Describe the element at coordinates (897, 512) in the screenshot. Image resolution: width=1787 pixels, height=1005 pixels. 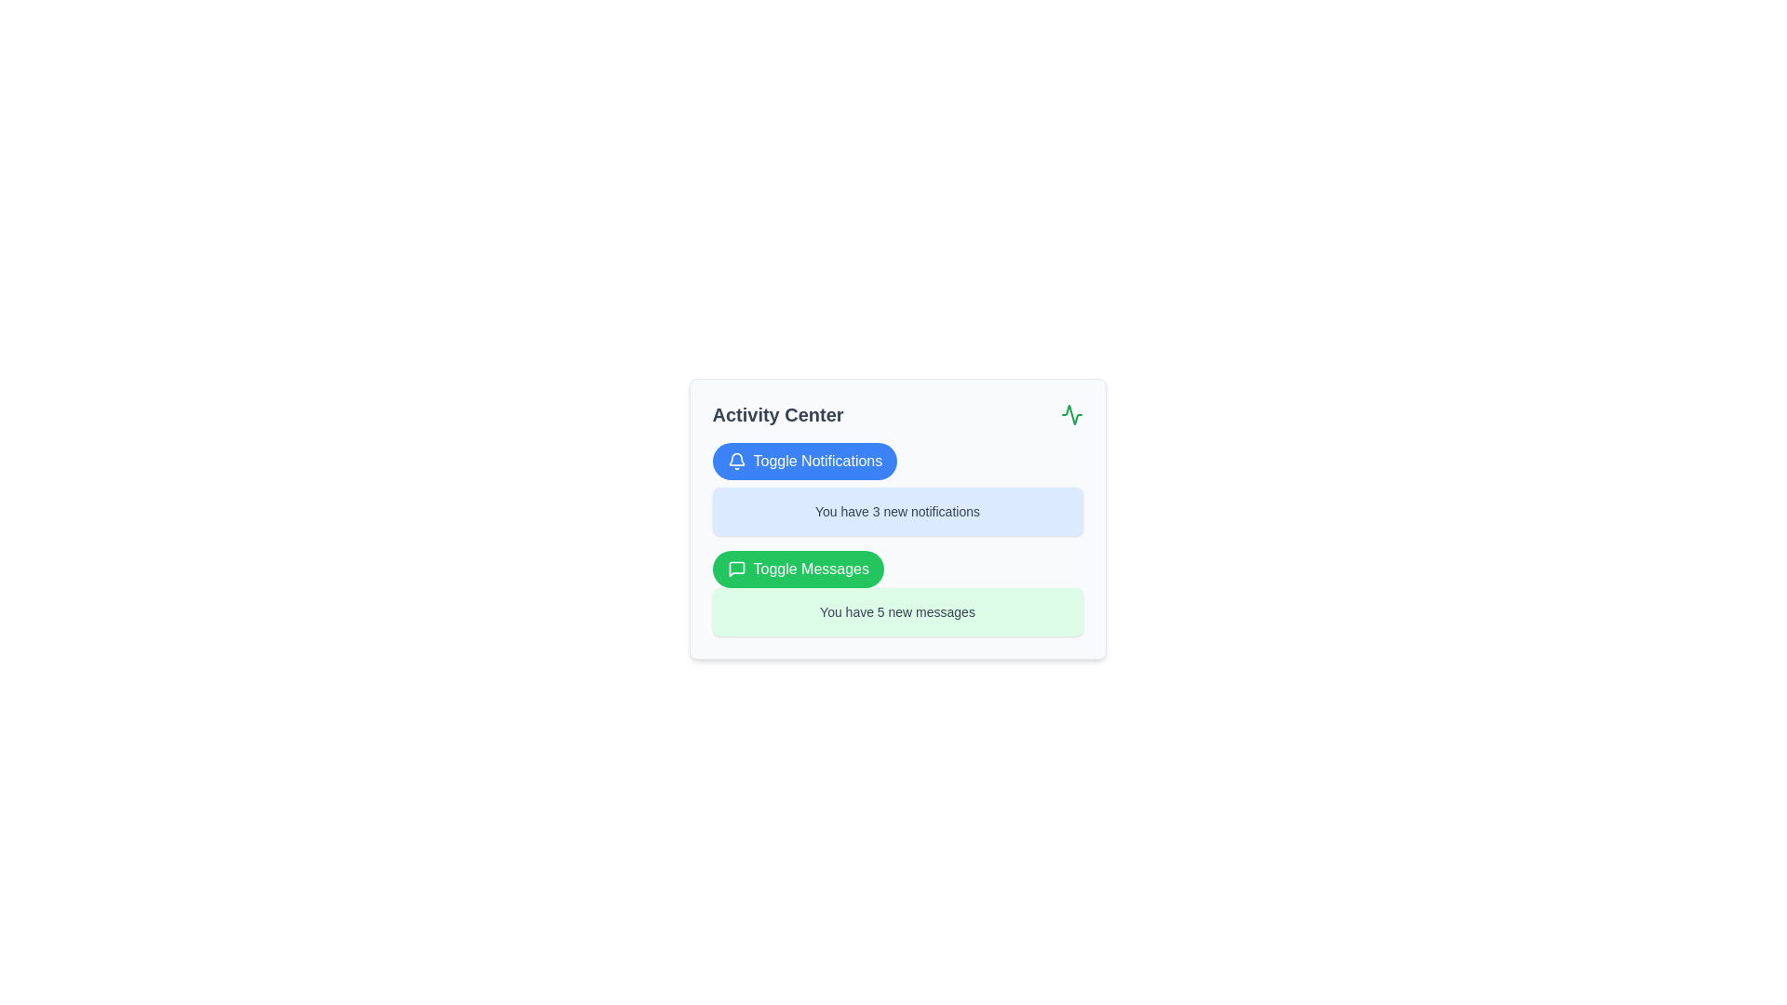
I see `the Notification Display Box that shows the number of new notifications, located in the Activity Center section, between the Toggle Notifications button and the Toggle Messages button` at that location.